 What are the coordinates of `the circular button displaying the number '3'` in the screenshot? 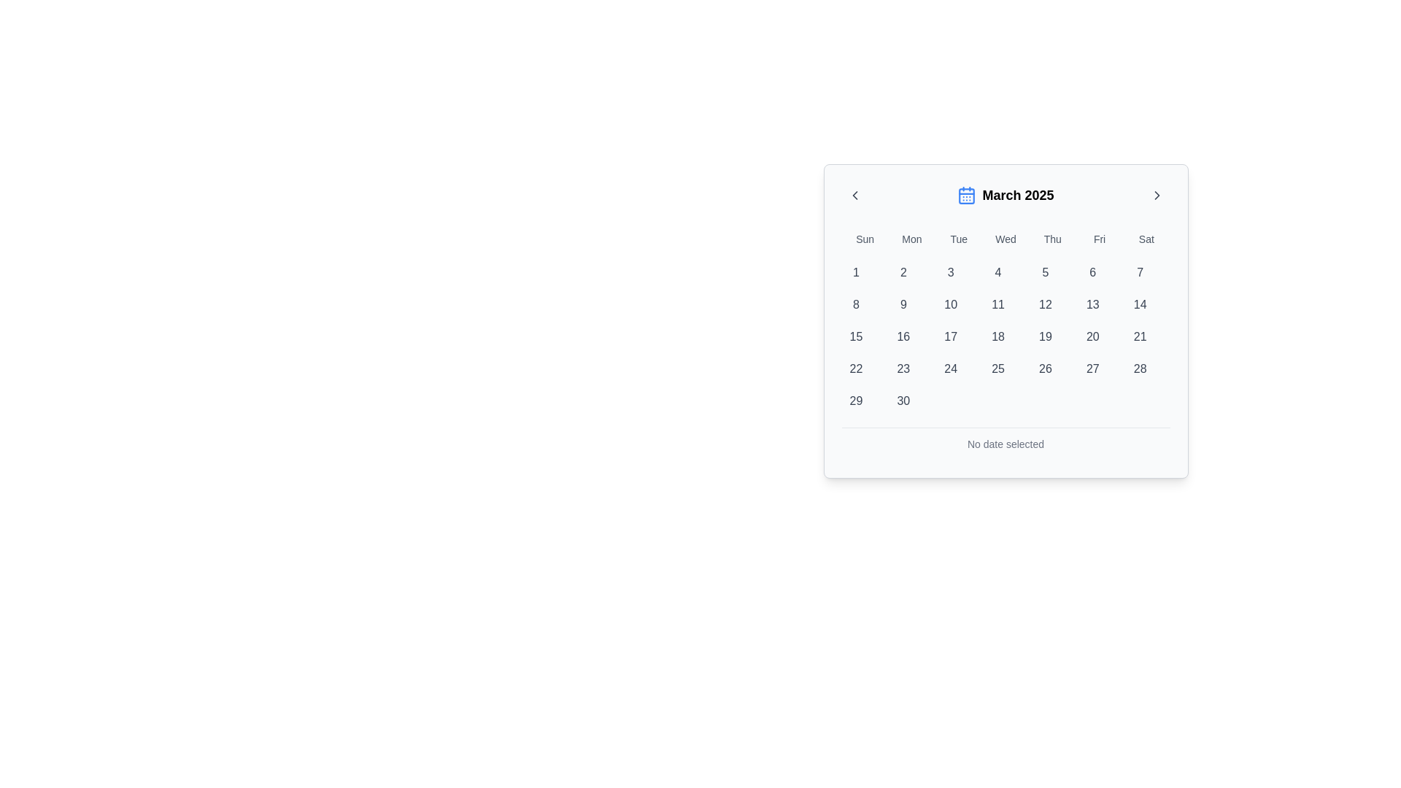 It's located at (951, 273).